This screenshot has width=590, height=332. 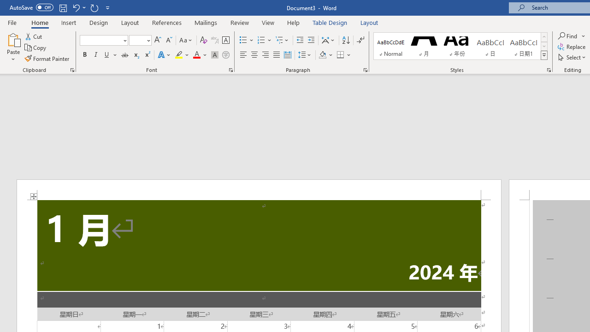 I want to click on 'Styles', so click(x=544, y=55).